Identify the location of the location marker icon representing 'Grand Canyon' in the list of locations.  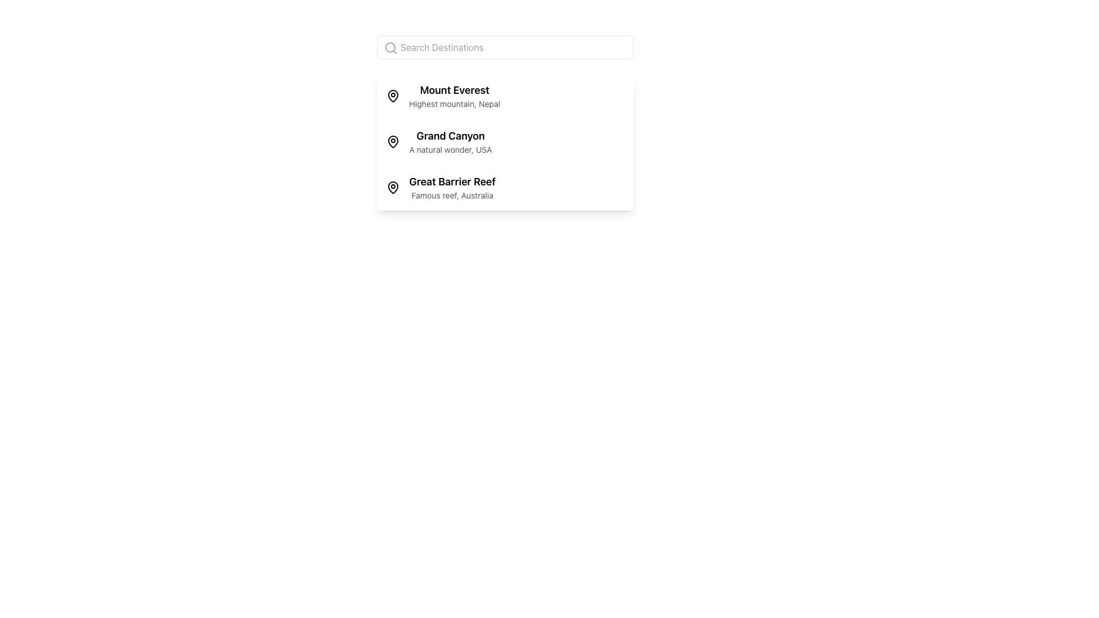
(393, 140).